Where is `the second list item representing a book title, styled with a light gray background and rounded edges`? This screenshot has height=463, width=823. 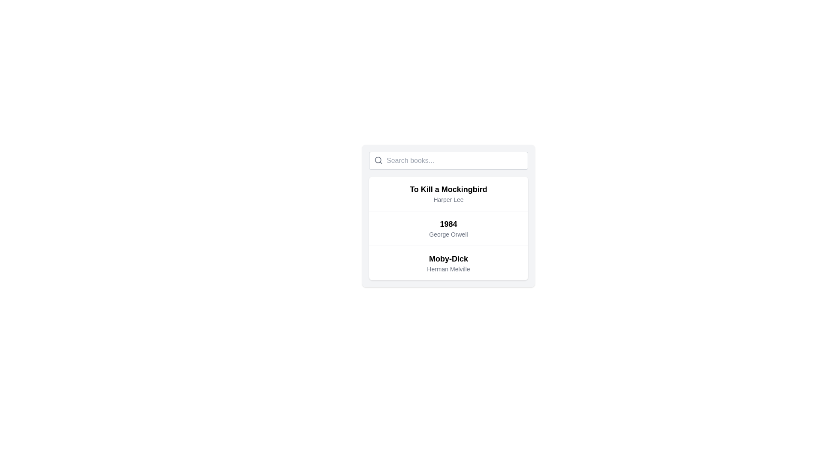
the second list item representing a book title, styled with a light gray background and rounded edges is located at coordinates (448, 216).